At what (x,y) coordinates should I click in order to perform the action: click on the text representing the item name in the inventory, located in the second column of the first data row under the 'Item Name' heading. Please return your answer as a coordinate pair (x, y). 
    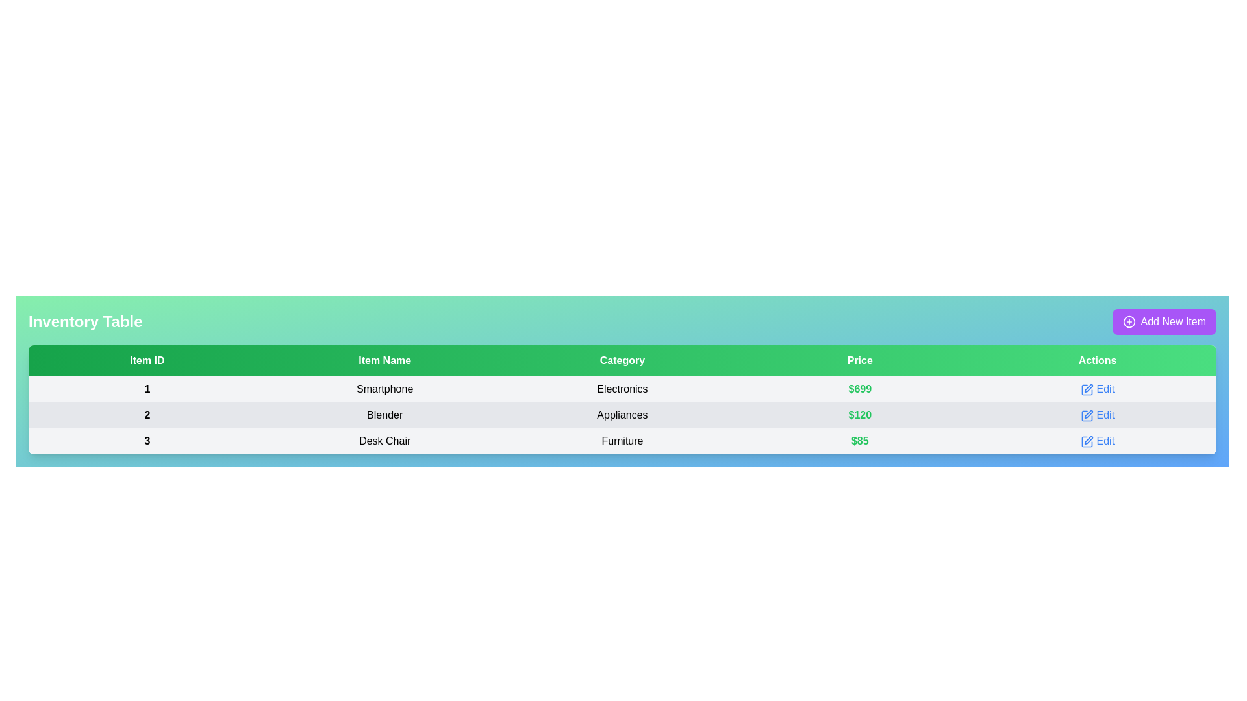
    Looking at the image, I should click on (383, 389).